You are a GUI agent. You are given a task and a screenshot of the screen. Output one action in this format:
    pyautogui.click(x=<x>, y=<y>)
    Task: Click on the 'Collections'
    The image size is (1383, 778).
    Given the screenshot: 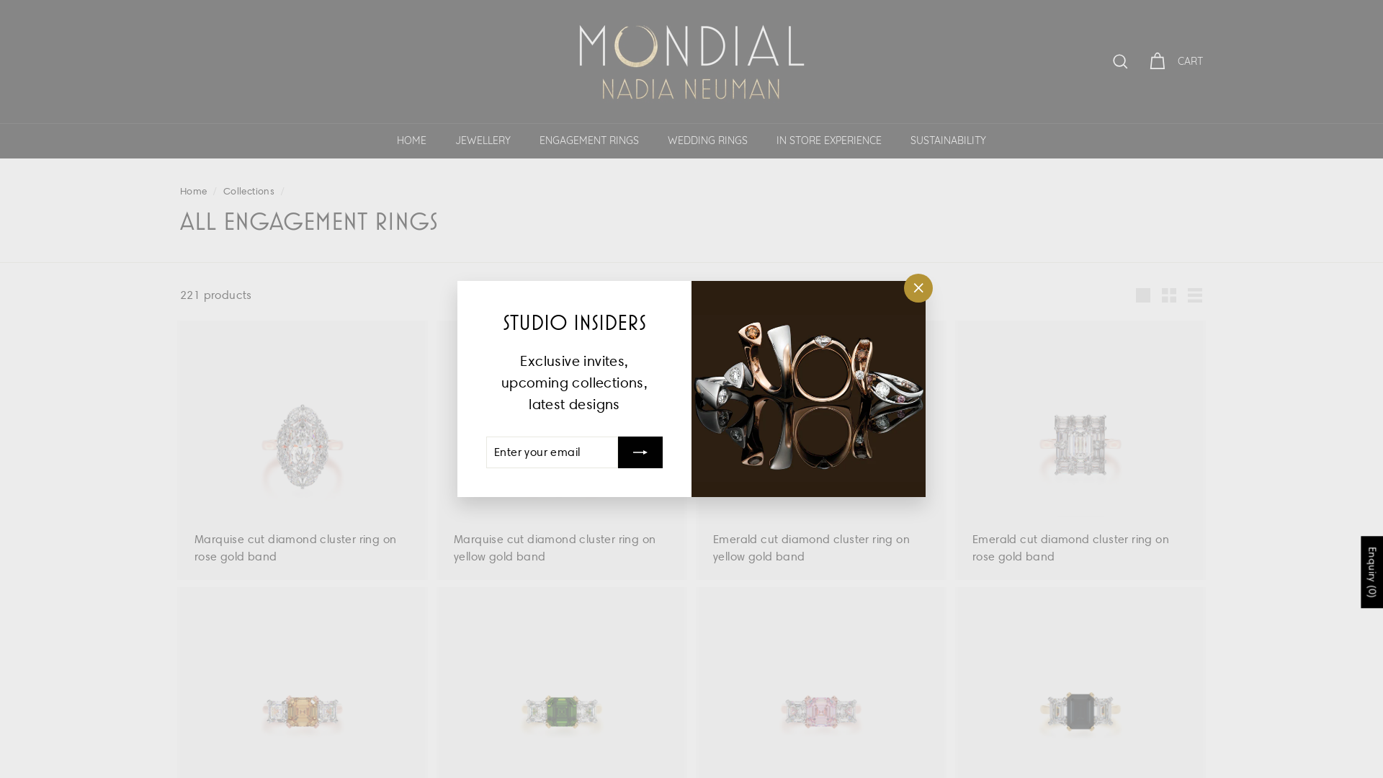 What is the action you would take?
    pyautogui.click(x=249, y=190)
    